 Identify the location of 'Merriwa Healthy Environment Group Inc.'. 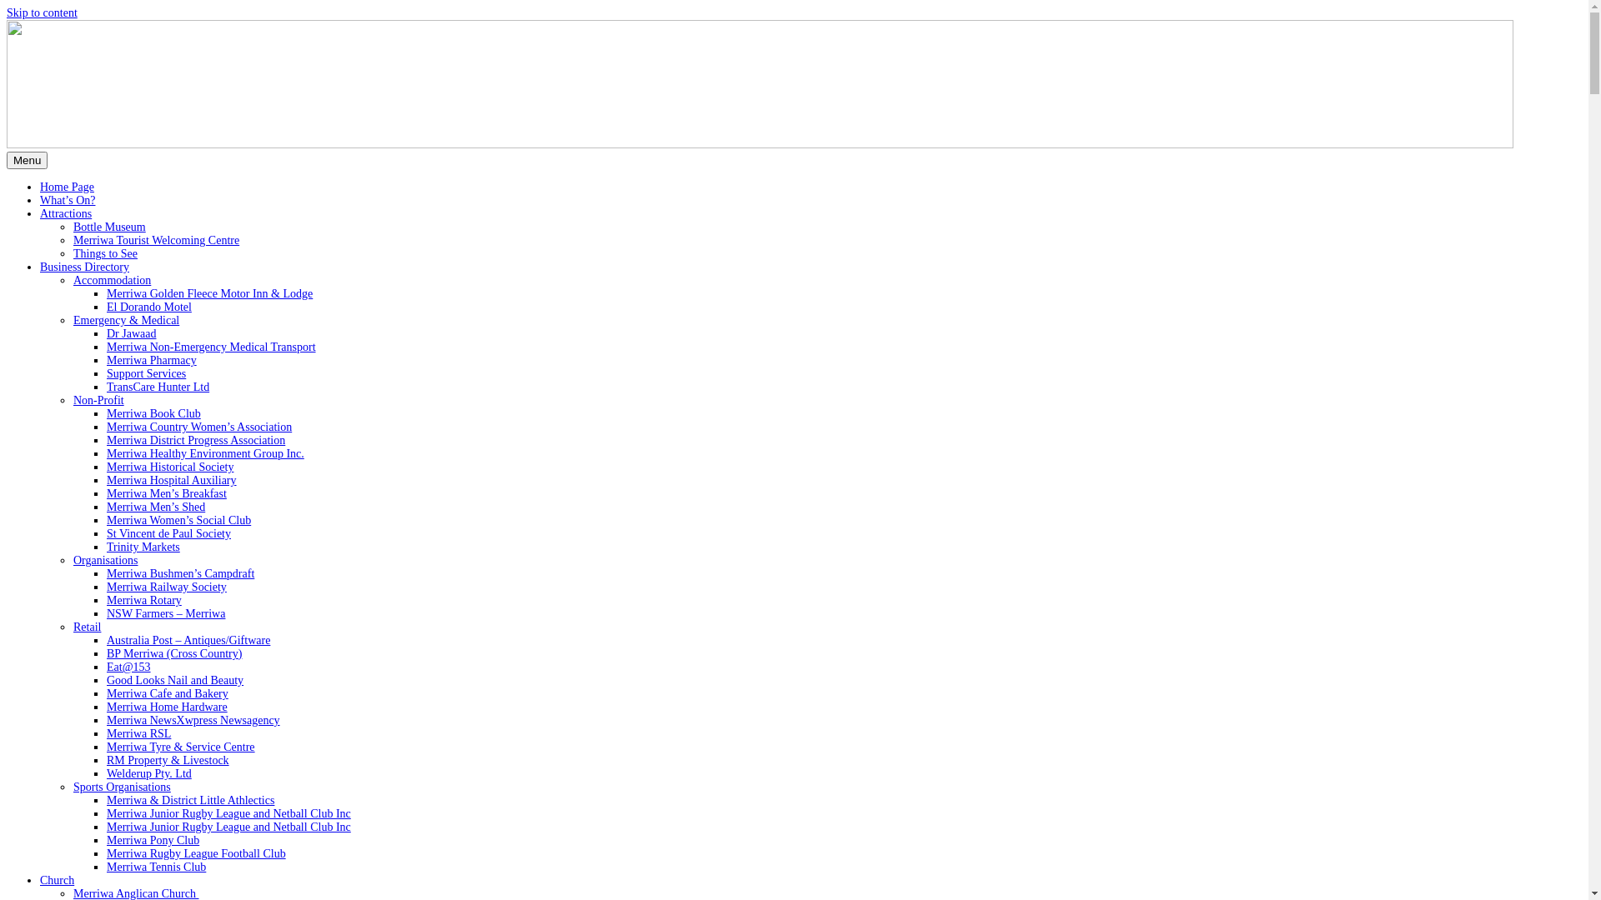
(106, 453).